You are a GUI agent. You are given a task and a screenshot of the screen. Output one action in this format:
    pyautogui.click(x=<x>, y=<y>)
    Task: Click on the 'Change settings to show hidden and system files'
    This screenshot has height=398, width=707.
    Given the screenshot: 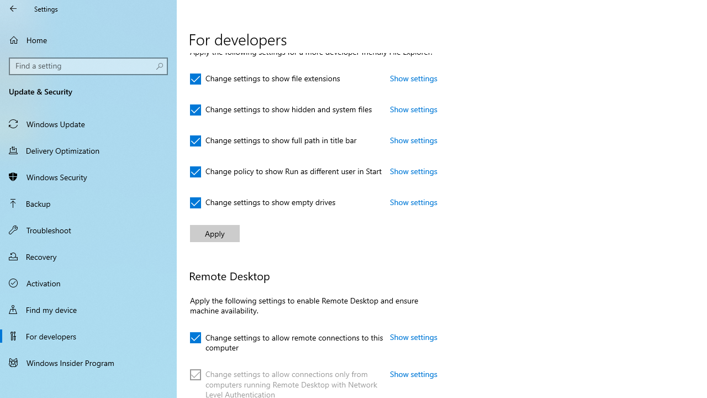 What is the action you would take?
    pyautogui.click(x=281, y=110)
    